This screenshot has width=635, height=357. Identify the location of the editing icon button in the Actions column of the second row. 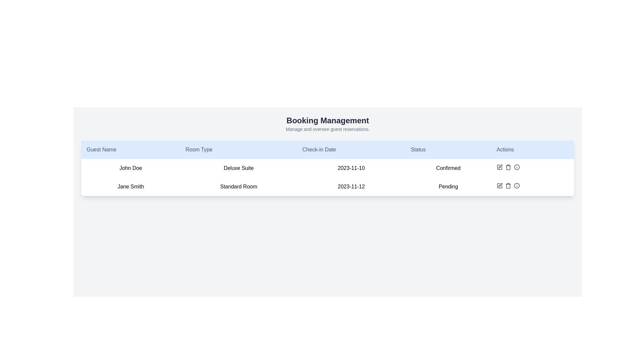
(499, 186).